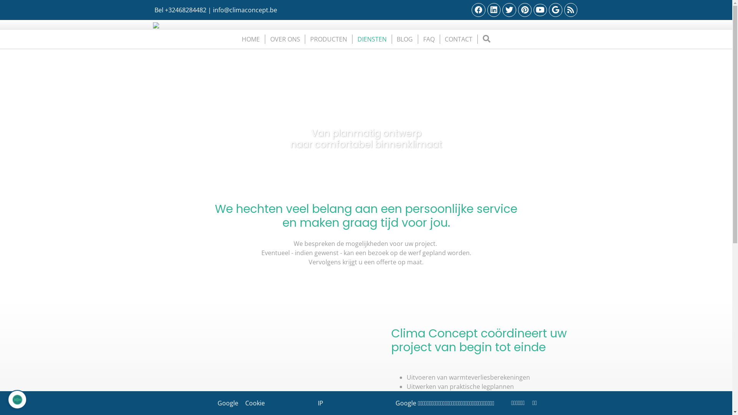 This screenshot has height=415, width=738. Describe the element at coordinates (285, 39) in the screenshot. I see `'OVER ONS'` at that location.